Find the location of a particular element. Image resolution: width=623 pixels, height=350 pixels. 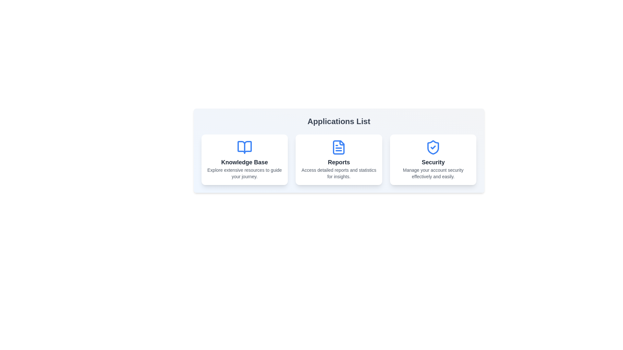

the Reports card to simulate an interaction is located at coordinates (338, 160).